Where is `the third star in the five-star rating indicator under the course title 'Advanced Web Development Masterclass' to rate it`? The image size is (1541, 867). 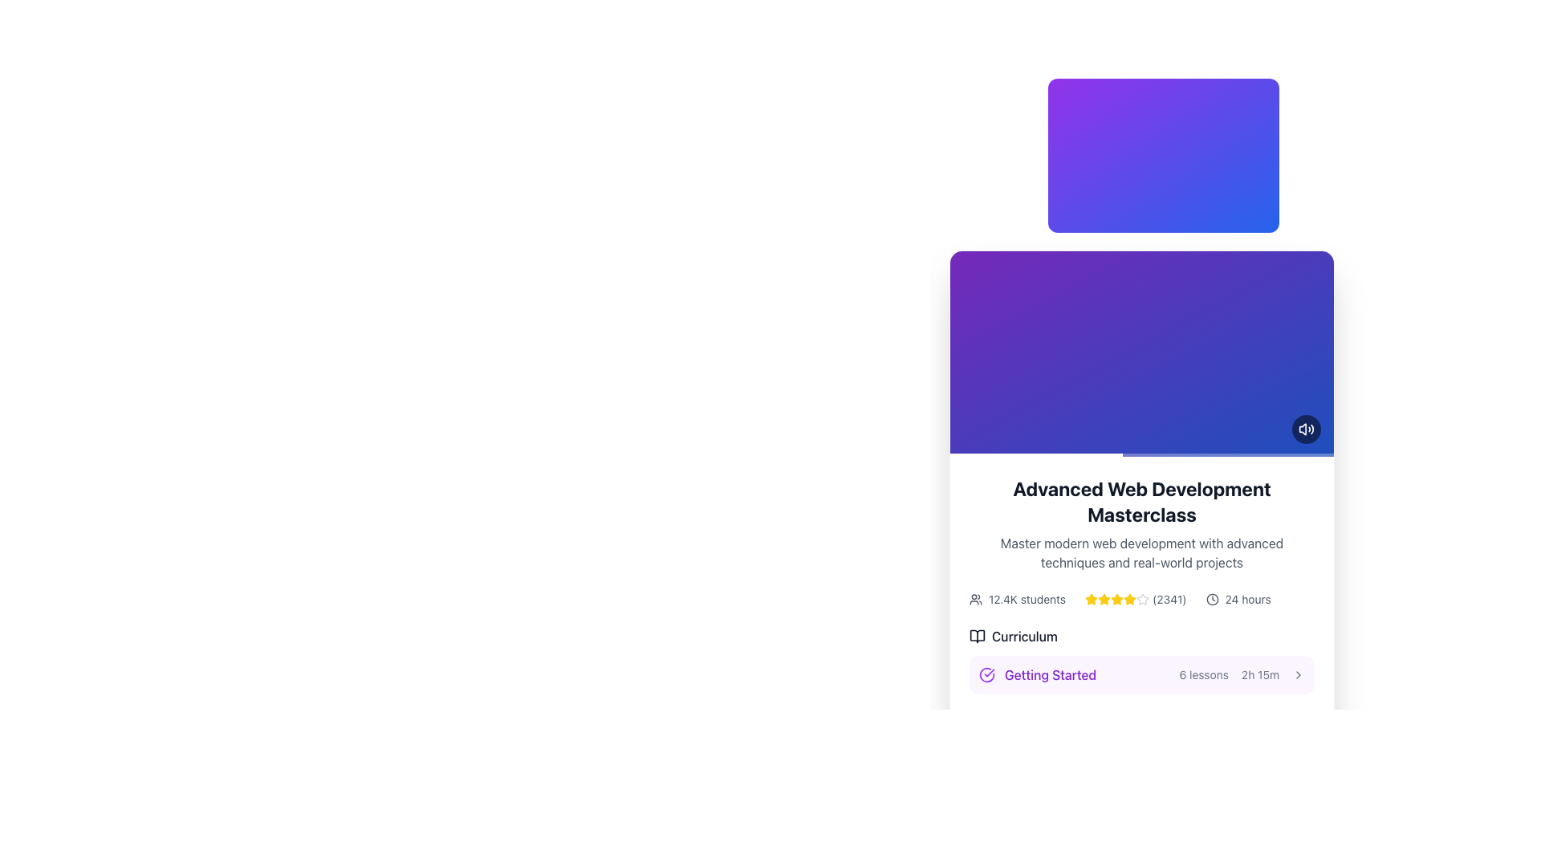
the third star in the five-star rating indicator under the course title 'Advanced Web Development Masterclass' to rate it is located at coordinates (1129, 599).